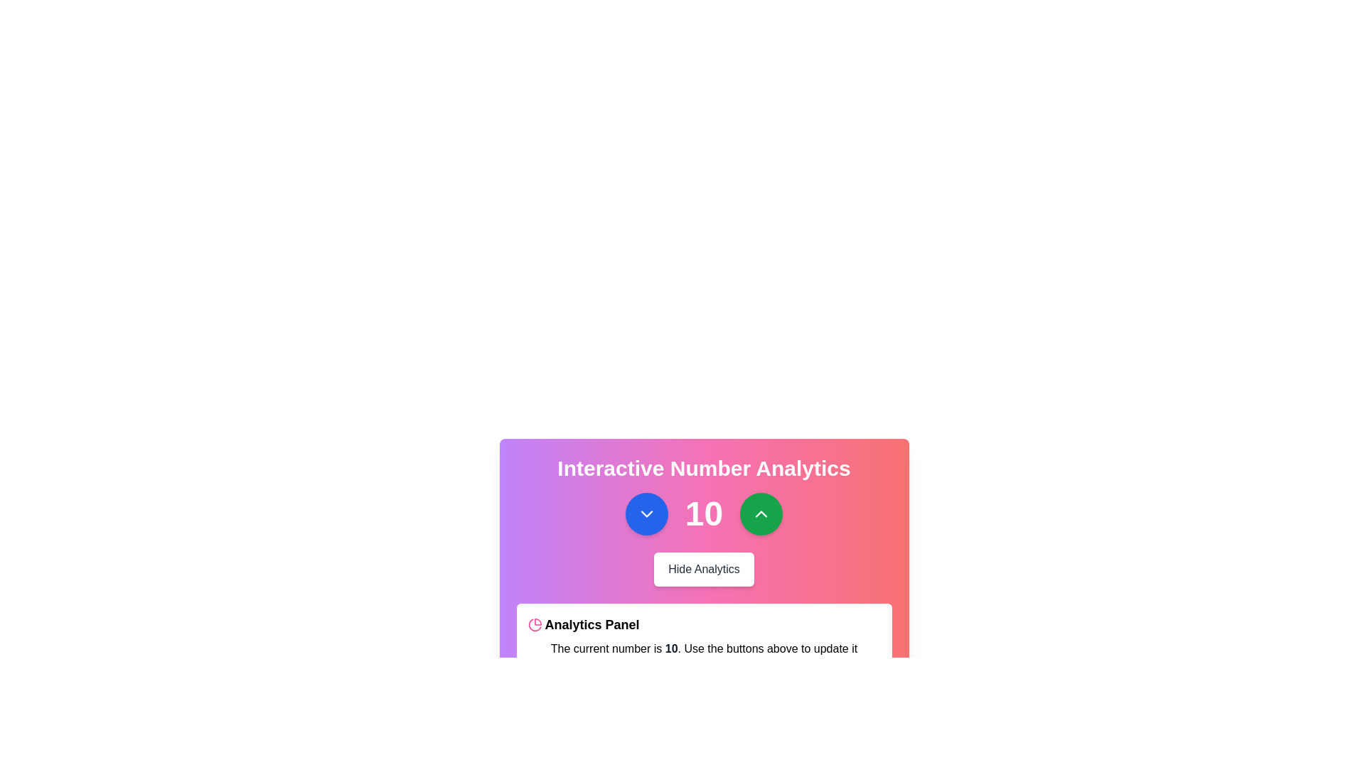 This screenshot has height=767, width=1365. I want to click on the circular pink pie-chart icon associated with the 'Analytics Panel' text label in the 'Interactive Number Analytics' section, so click(534, 624).